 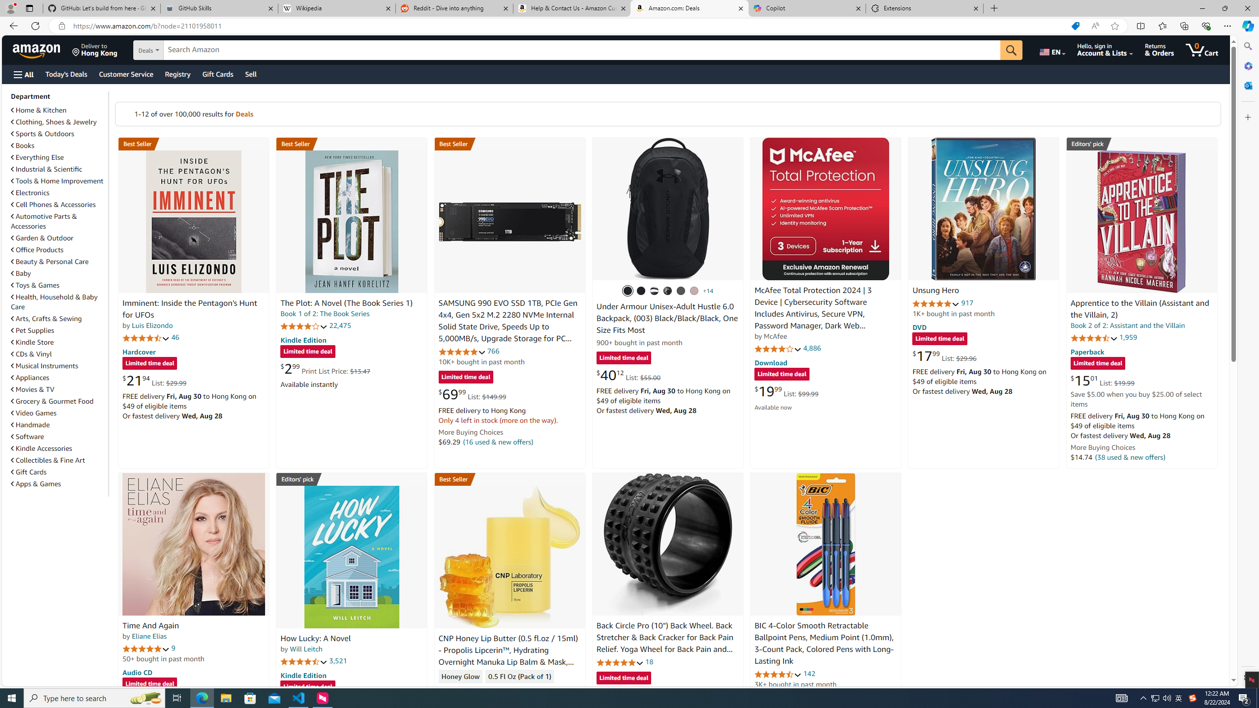 I want to click on 'Appliances', so click(x=58, y=377).